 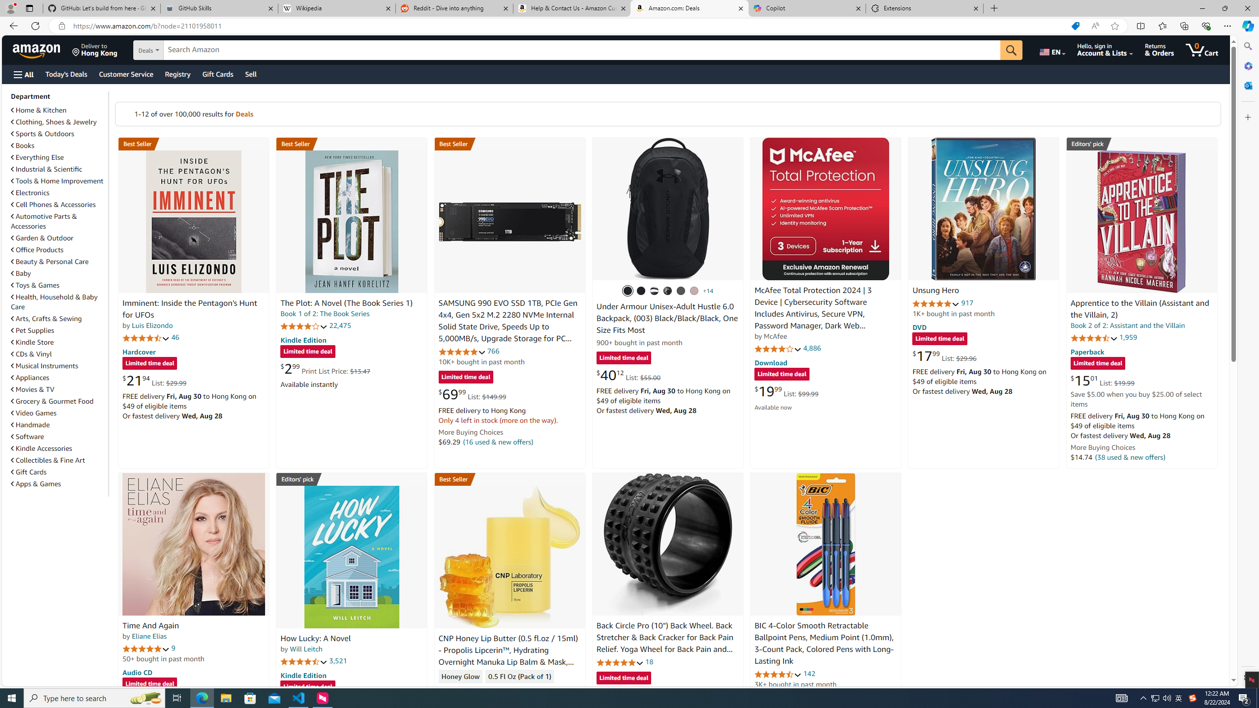 I want to click on 'Appliances', so click(x=58, y=377).